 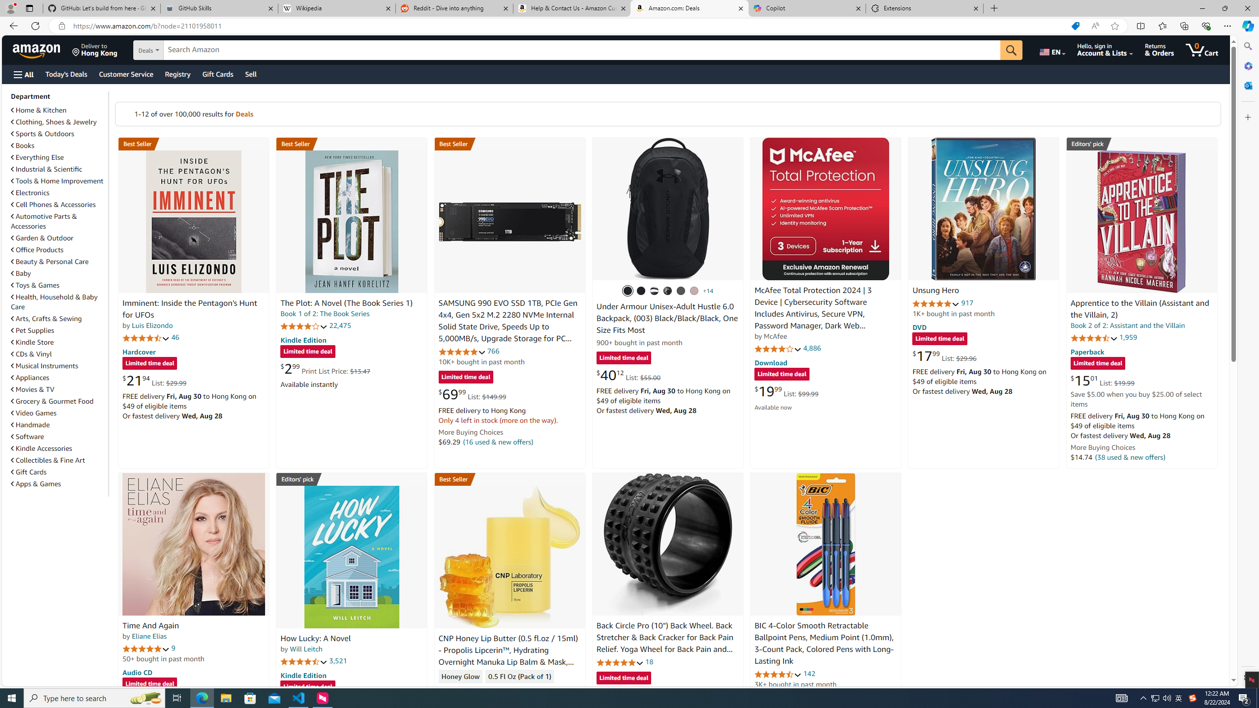 I want to click on 'Appliances', so click(x=58, y=377).